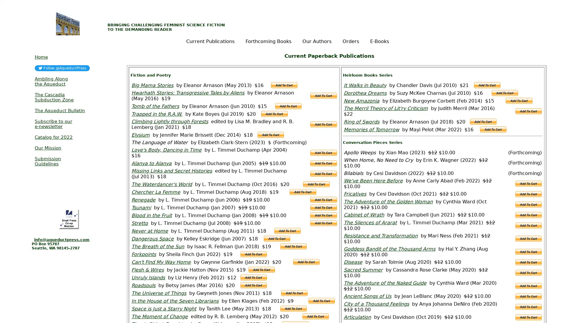  I want to click on Make payments with PayPal - it\'s fast, free and secure!, so click(528, 272).